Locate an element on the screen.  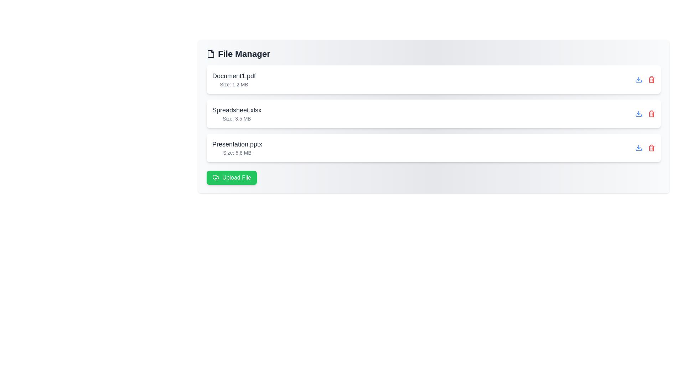
the file icon in the header is located at coordinates (210, 53).